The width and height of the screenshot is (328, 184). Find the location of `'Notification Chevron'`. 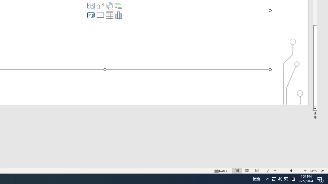

'Notification Chevron' is located at coordinates (268, 178).